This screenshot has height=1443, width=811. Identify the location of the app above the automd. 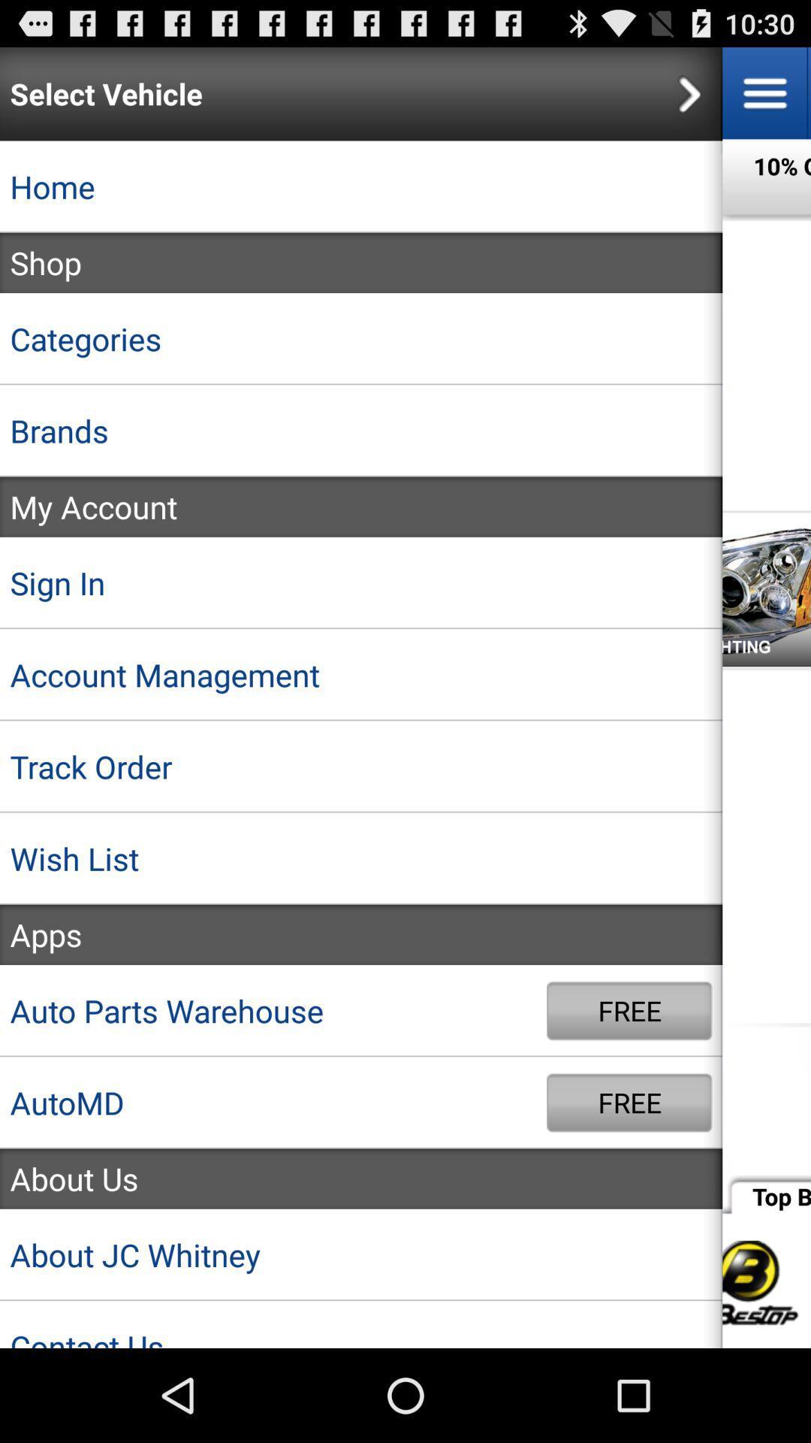
(273, 1011).